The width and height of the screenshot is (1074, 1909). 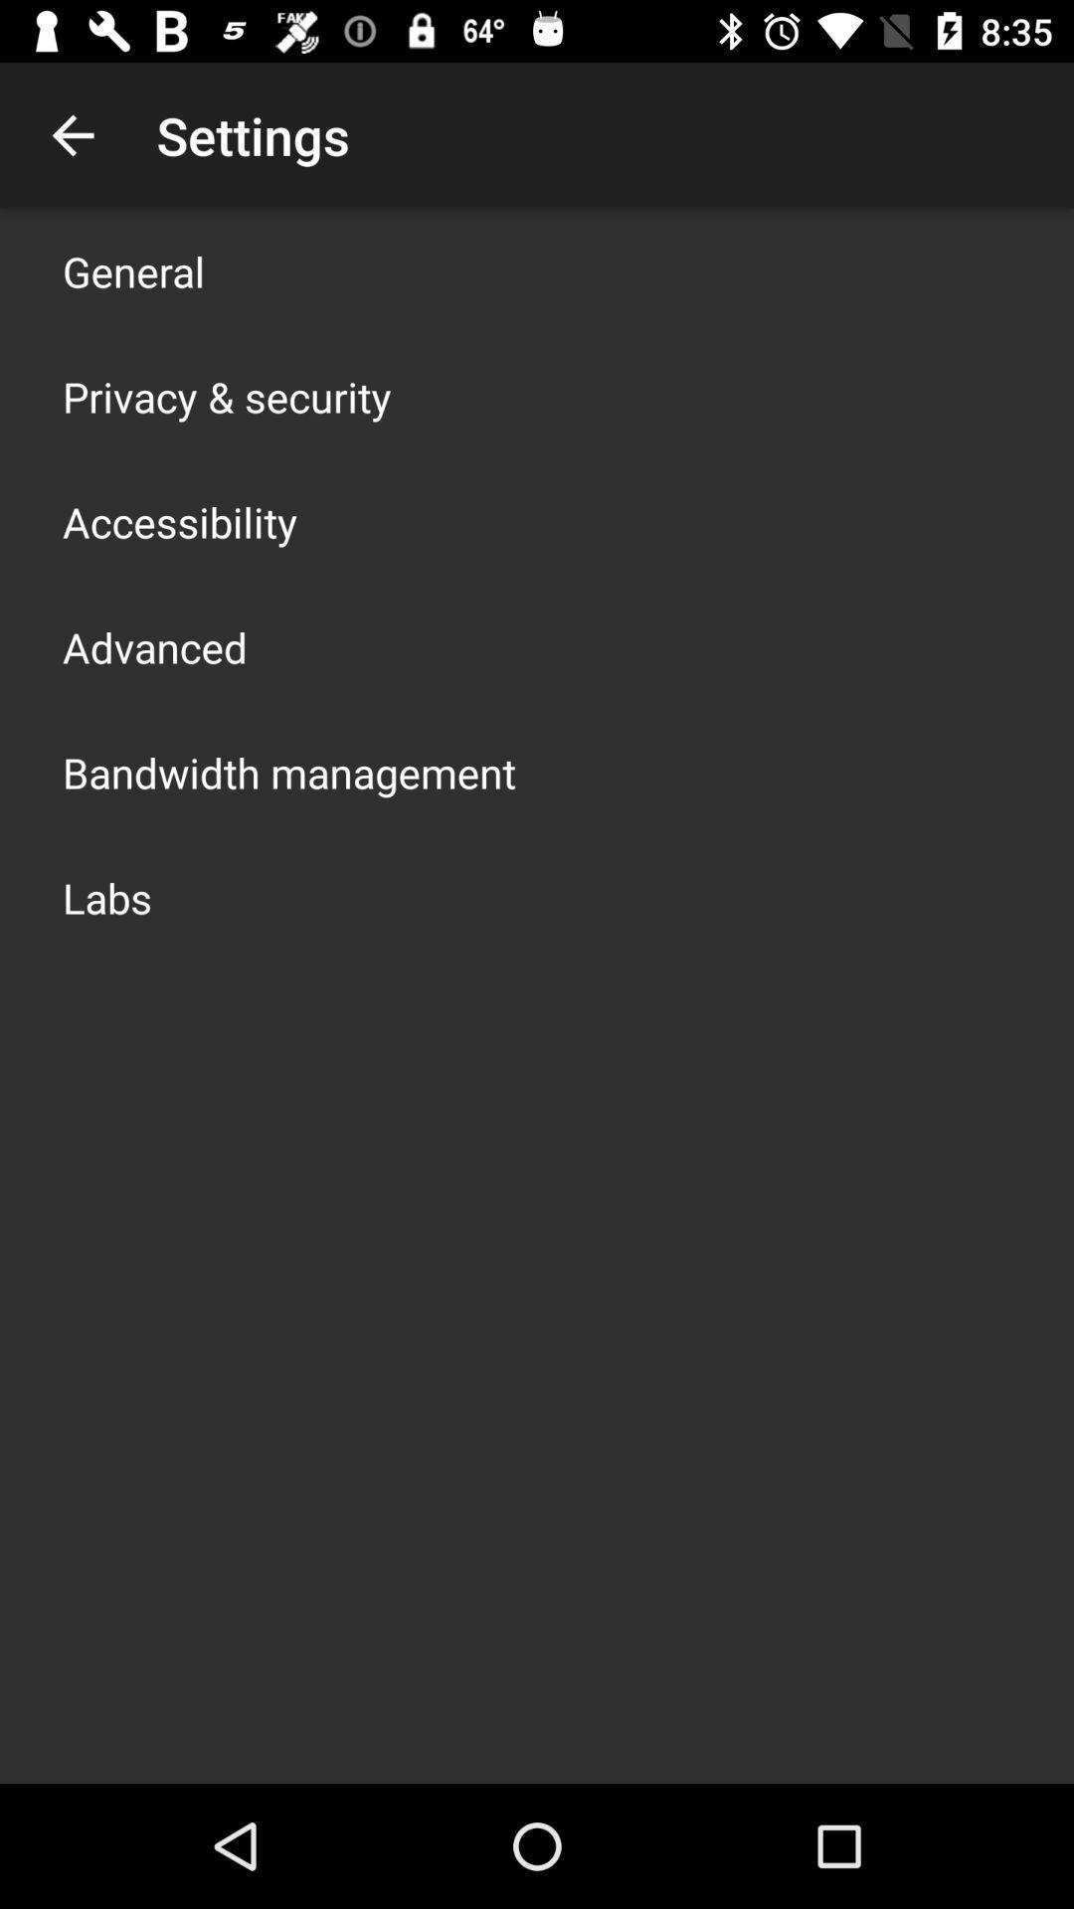 What do you see at coordinates (133, 270) in the screenshot?
I see `general item` at bounding box center [133, 270].